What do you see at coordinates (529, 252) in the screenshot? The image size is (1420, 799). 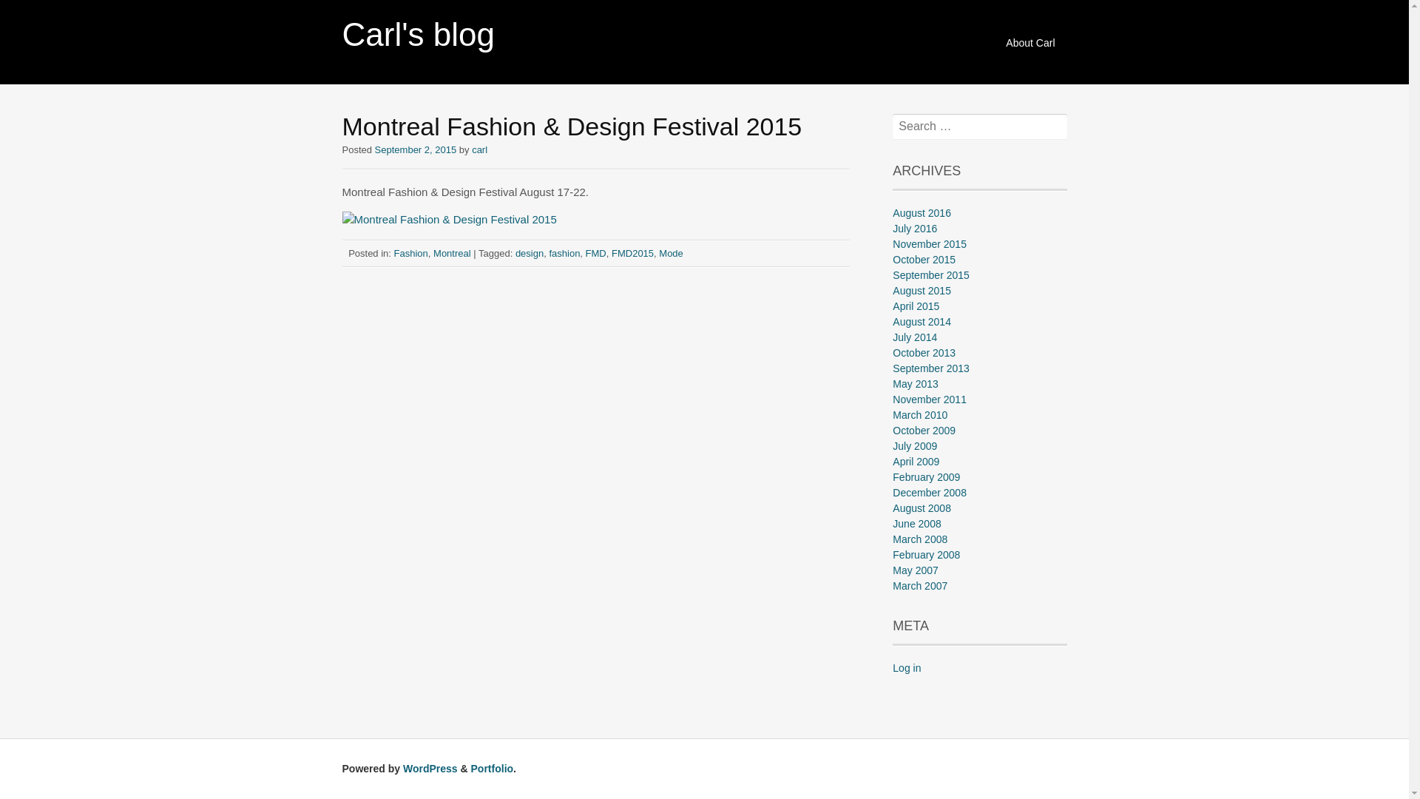 I see `'design'` at bounding box center [529, 252].